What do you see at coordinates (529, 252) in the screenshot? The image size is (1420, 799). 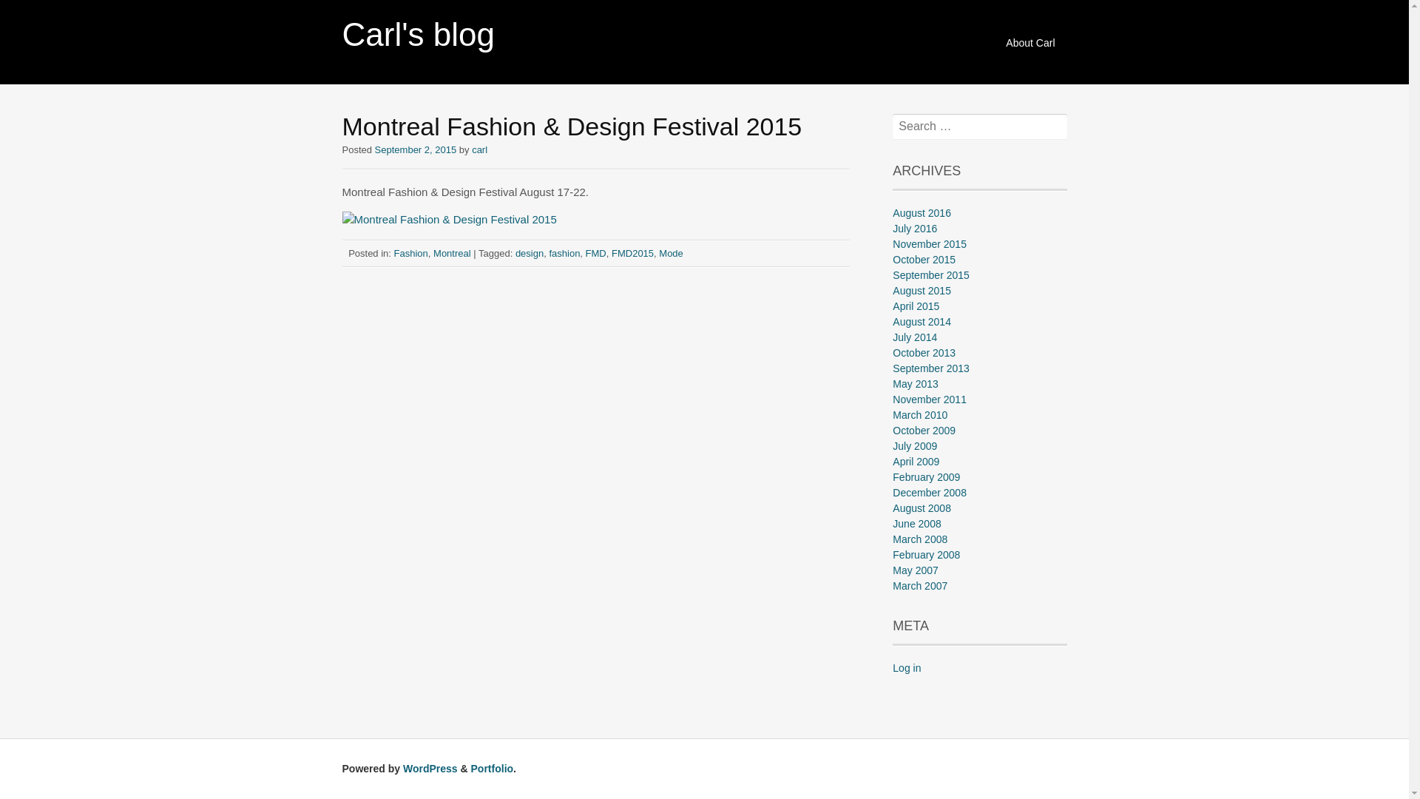 I see `'design'` at bounding box center [529, 252].